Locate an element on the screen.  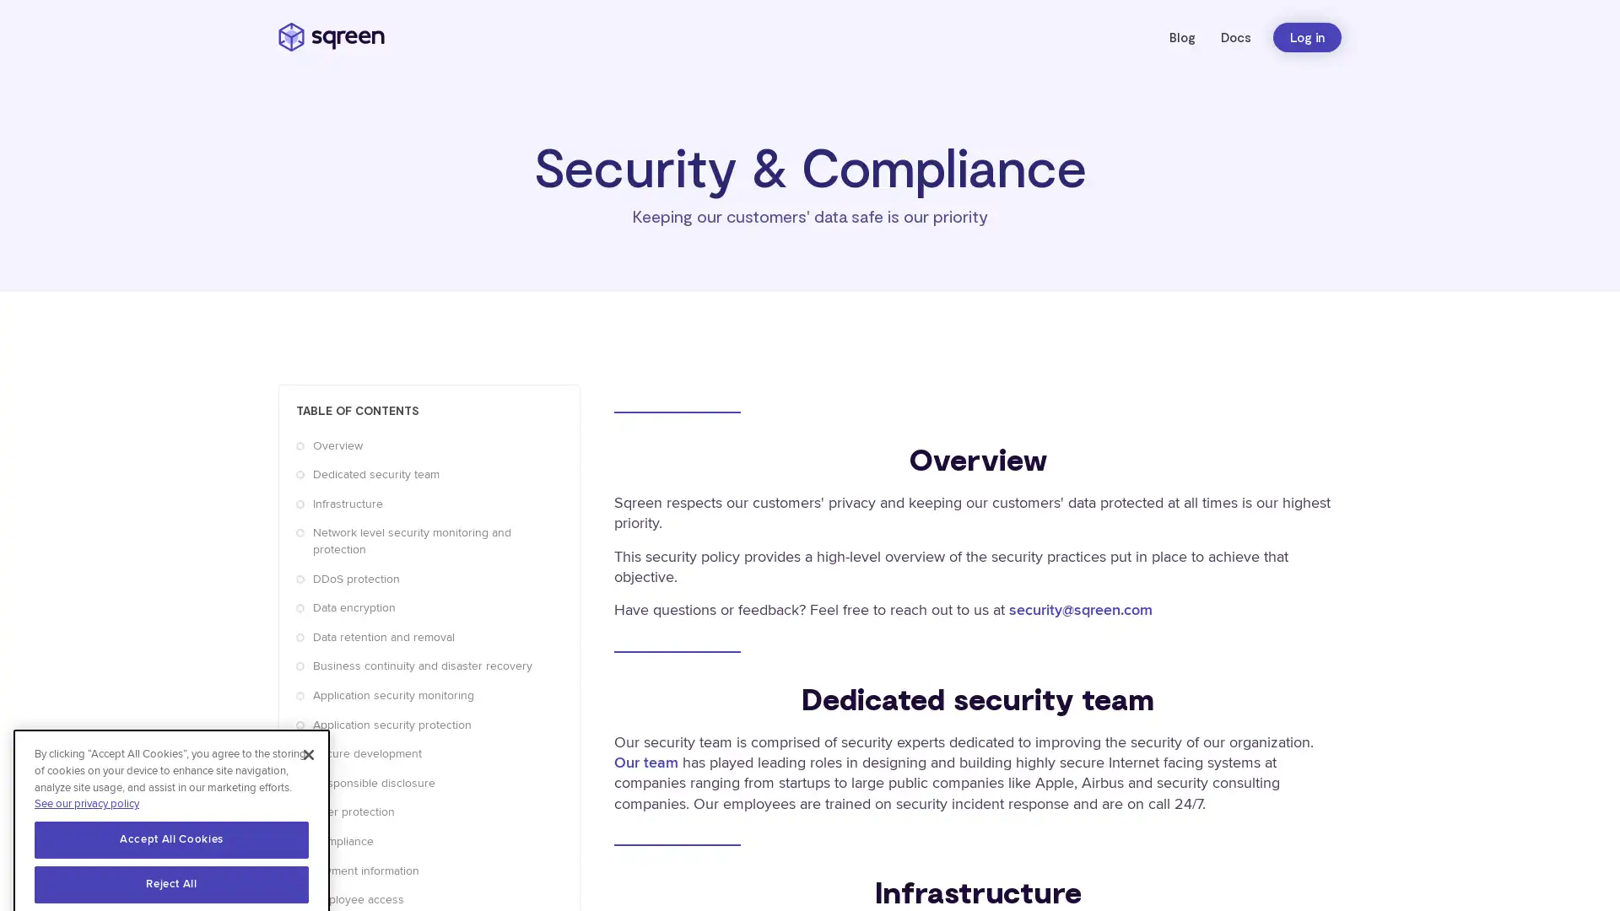
Reject All is located at coordinates (171, 848).